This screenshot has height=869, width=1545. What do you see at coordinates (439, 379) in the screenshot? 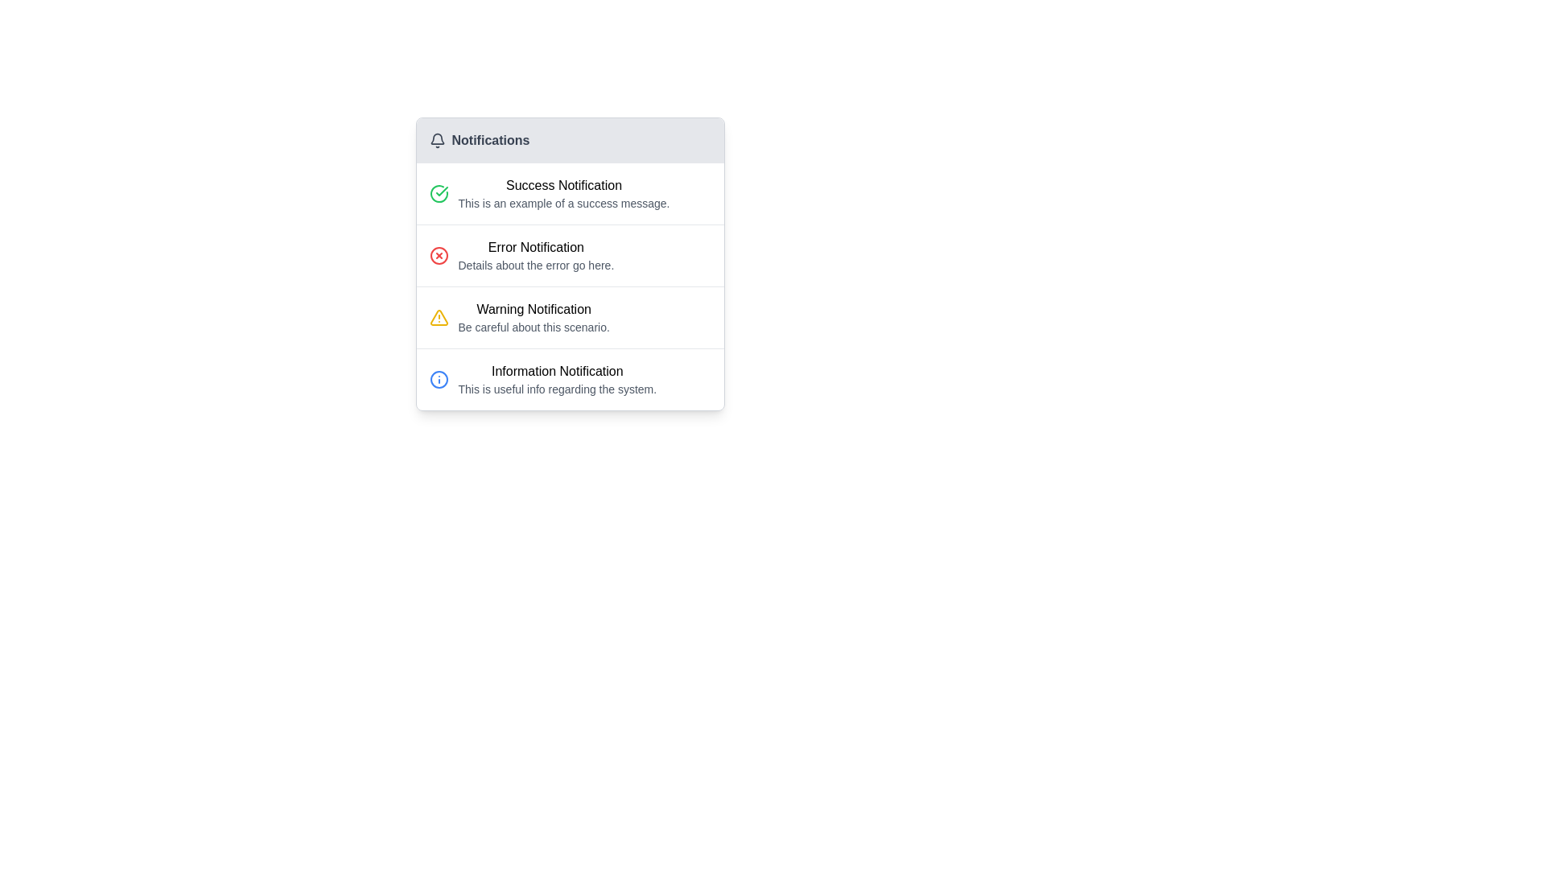
I see `the circular blue icon with an 'i' symbol inside, located in the lower section of the notifications panel, next to the 'Information Notification' entry` at bounding box center [439, 379].